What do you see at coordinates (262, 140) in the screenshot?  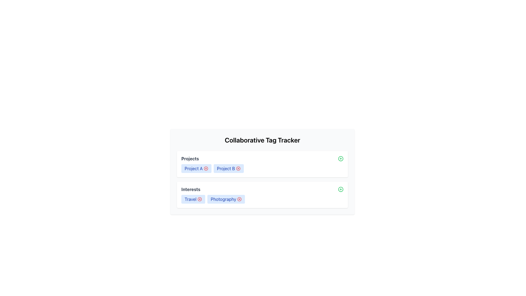 I see `Text Label located at the top-center of the card, which serves as the title or descriptor for the associated content` at bounding box center [262, 140].